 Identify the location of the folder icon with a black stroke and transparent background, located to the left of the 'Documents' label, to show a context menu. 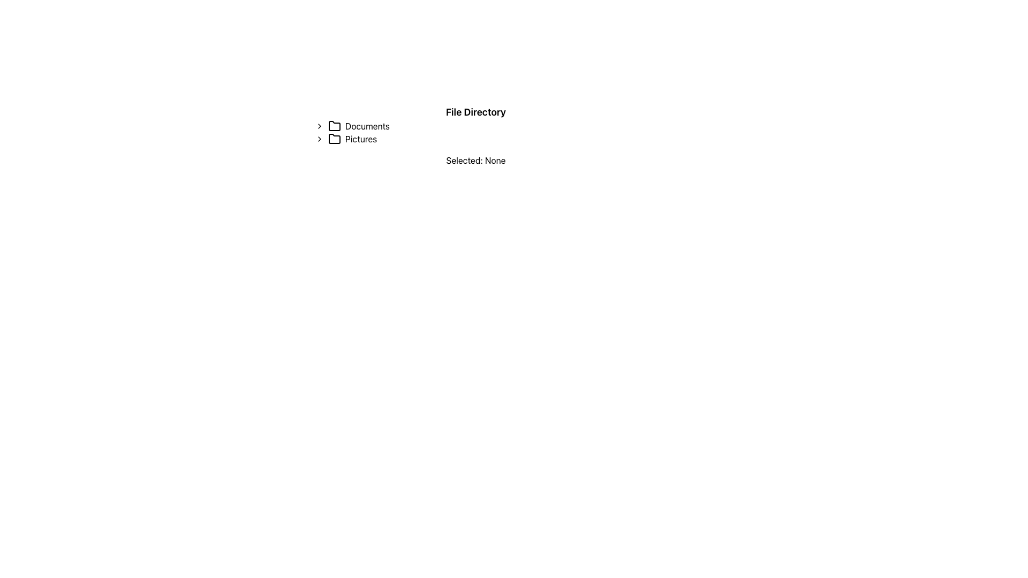
(334, 125).